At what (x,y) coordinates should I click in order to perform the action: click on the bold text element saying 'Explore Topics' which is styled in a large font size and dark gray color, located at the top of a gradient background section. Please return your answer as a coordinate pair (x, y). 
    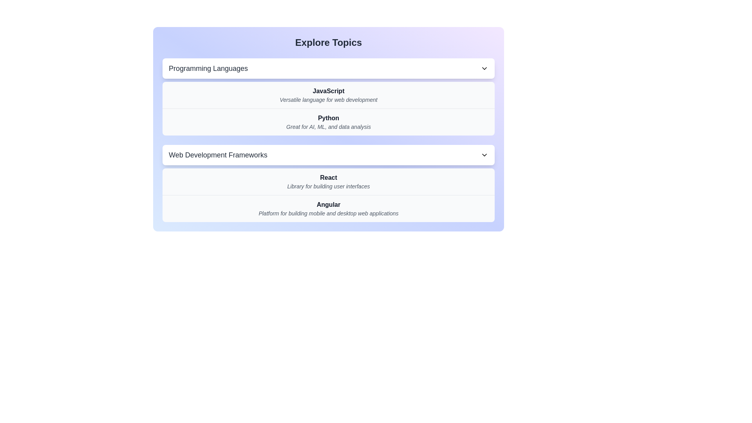
    Looking at the image, I should click on (329, 42).